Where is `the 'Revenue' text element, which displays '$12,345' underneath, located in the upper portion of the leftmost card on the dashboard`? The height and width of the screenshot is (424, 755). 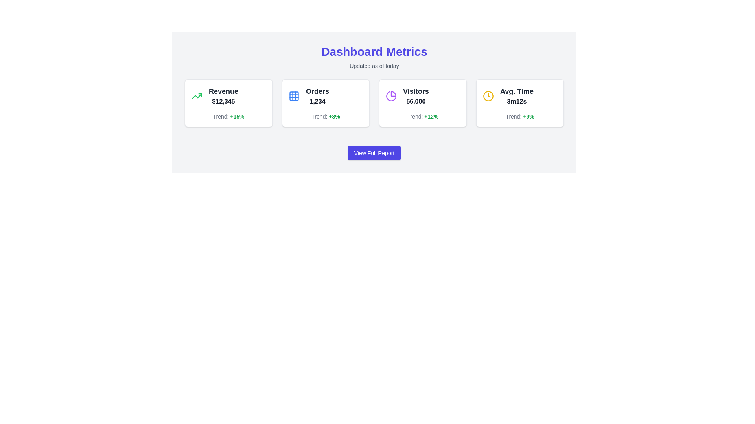
the 'Revenue' text element, which displays '$12,345' underneath, located in the upper portion of the leftmost card on the dashboard is located at coordinates (223, 96).